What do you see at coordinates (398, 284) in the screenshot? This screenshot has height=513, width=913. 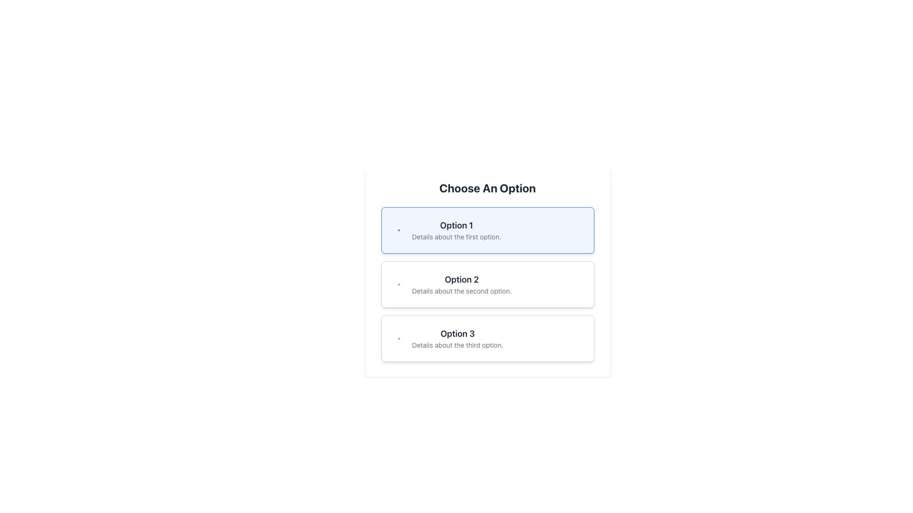 I see `the icon located at the top-left corner of the 'Option 2' card, which serves as a graphical marker associated with this option` at bounding box center [398, 284].